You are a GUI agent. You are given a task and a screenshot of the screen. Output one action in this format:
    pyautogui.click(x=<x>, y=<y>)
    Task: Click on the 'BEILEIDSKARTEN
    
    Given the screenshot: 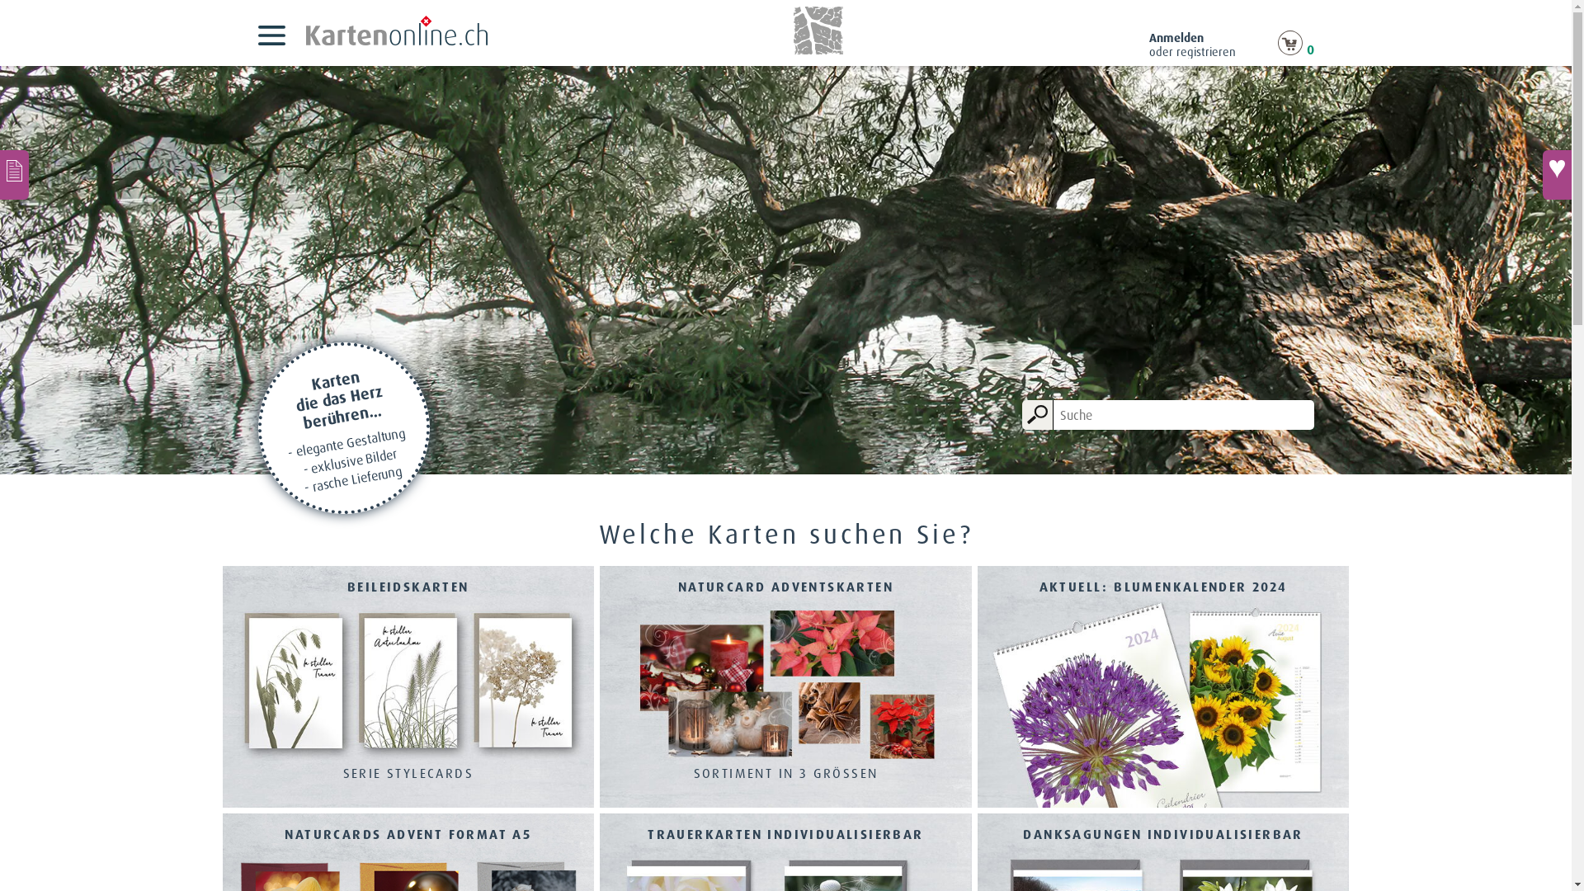 What is the action you would take?
    pyautogui.click(x=408, y=688)
    